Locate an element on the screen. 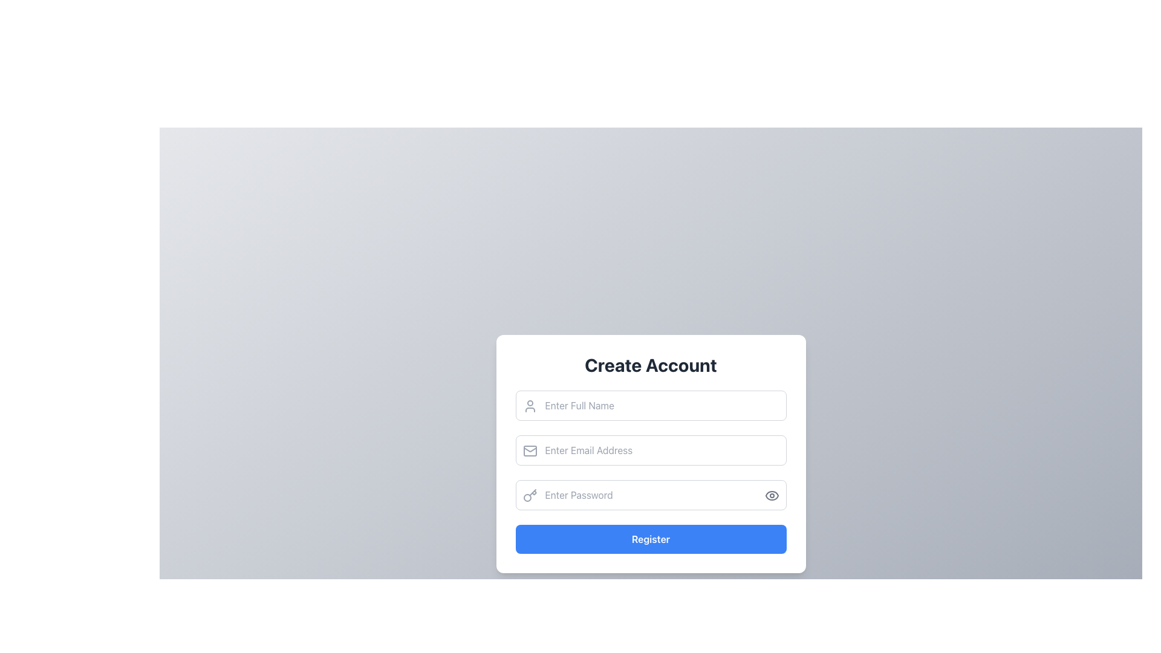 This screenshot has height=653, width=1161. the triangular flap of the envelope icon located to the left of the 'Enter Email Address' input field is located at coordinates (530, 450).